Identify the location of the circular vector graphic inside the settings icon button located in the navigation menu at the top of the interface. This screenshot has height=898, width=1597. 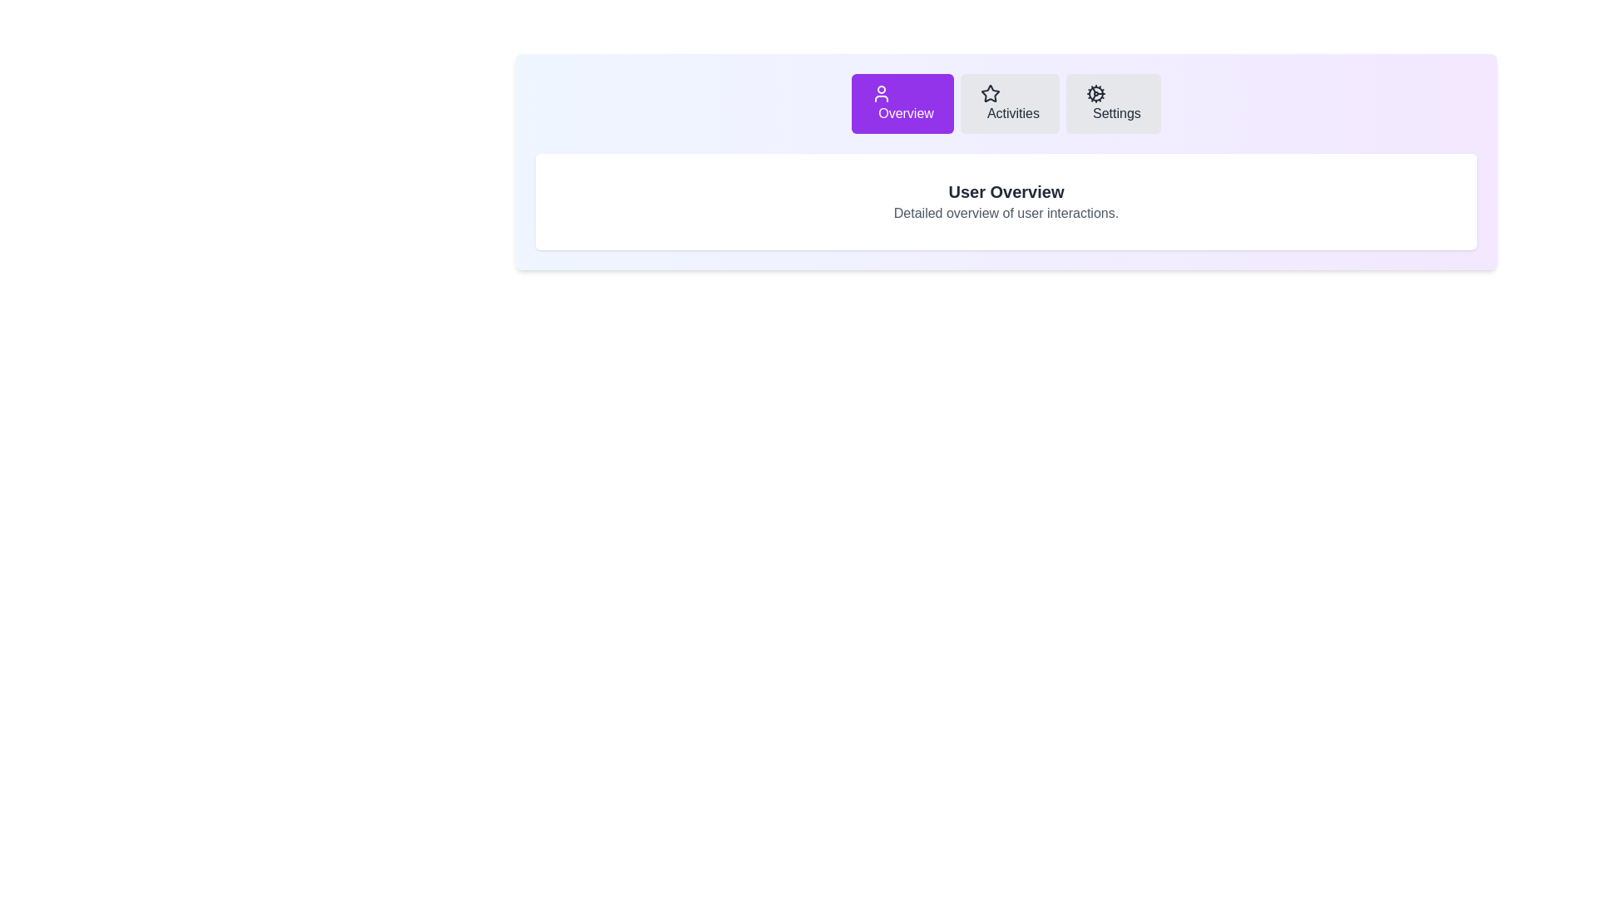
(1096, 93).